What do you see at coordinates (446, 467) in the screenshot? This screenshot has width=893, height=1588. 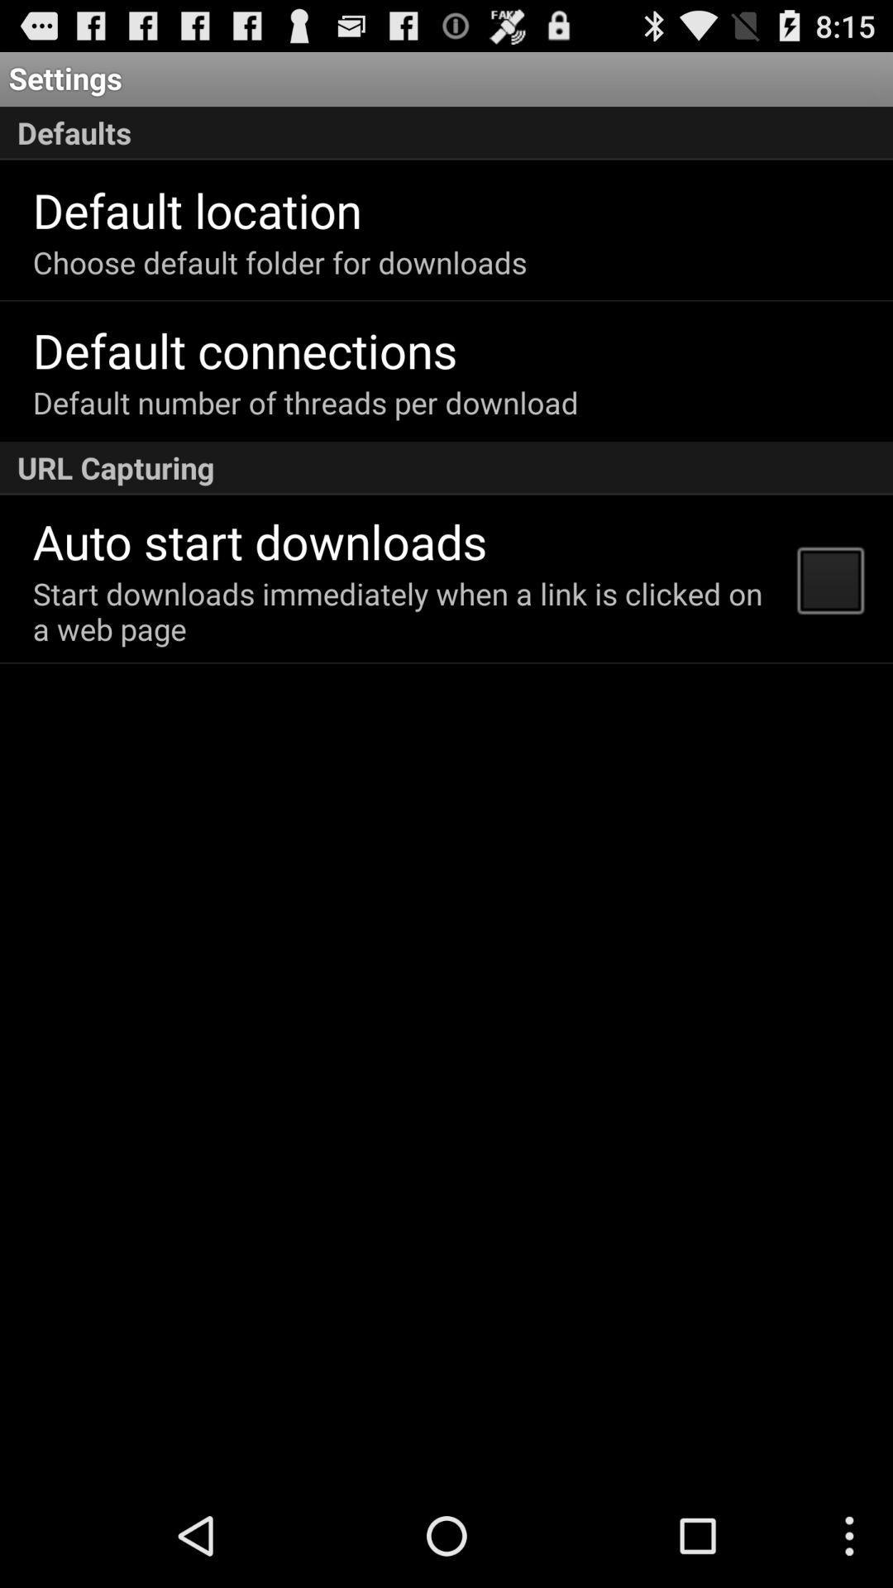 I see `the icon below default number of app` at bounding box center [446, 467].